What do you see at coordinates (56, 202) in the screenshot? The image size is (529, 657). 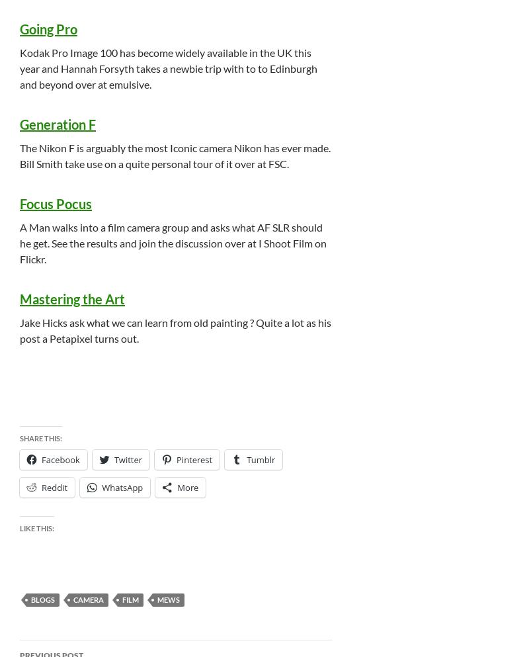 I see `'Focus Pocus'` at bounding box center [56, 202].